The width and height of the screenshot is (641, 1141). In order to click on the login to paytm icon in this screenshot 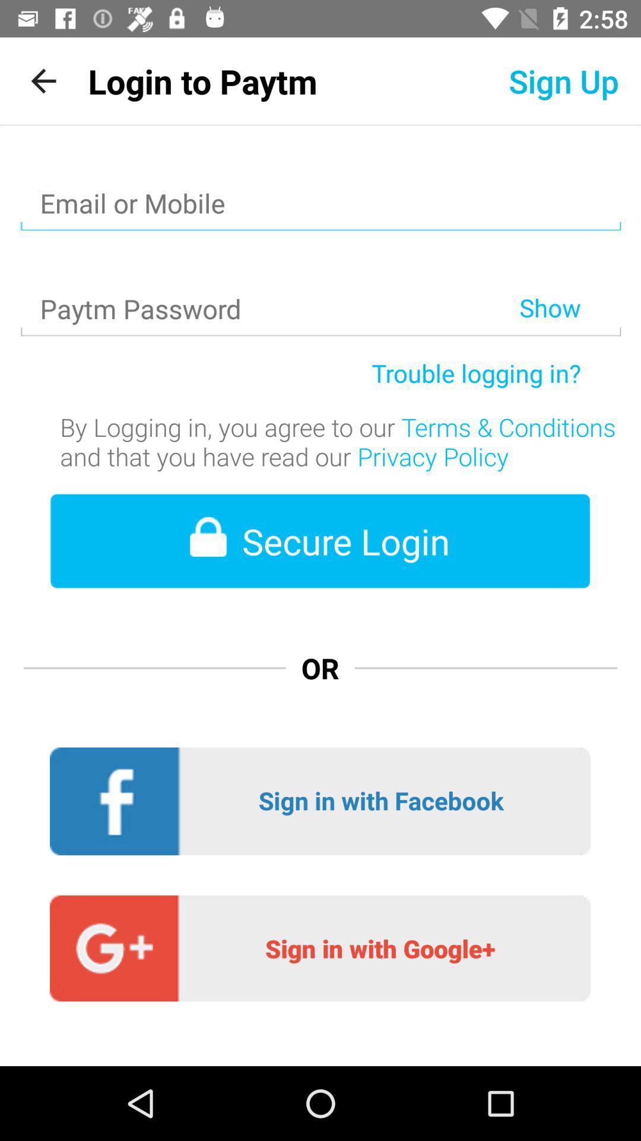, I will do `click(202, 80)`.